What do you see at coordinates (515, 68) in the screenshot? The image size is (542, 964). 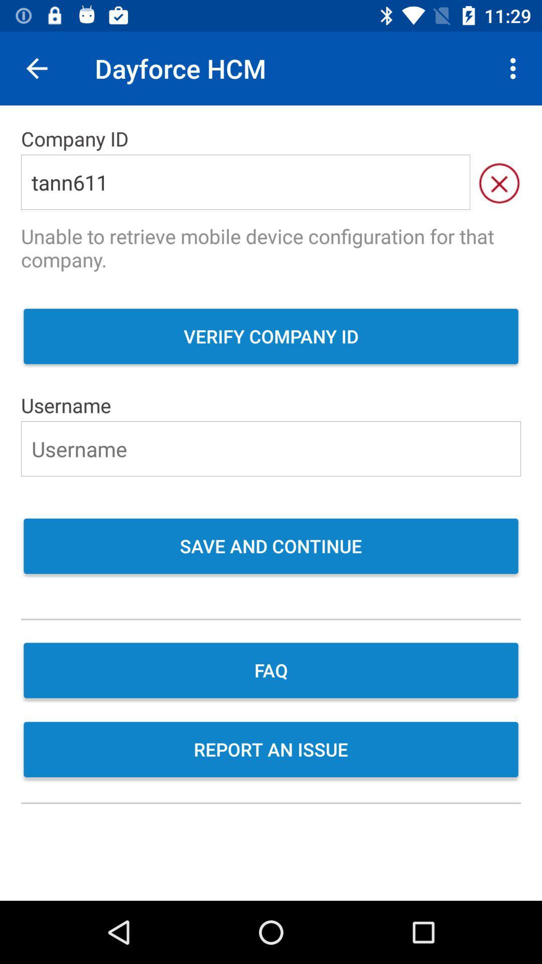 I see `the item to the right of the dayforce hcm` at bounding box center [515, 68].